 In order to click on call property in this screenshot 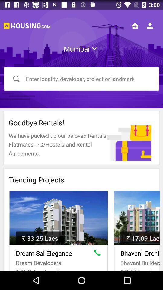, I will do `click(98, 254)`.